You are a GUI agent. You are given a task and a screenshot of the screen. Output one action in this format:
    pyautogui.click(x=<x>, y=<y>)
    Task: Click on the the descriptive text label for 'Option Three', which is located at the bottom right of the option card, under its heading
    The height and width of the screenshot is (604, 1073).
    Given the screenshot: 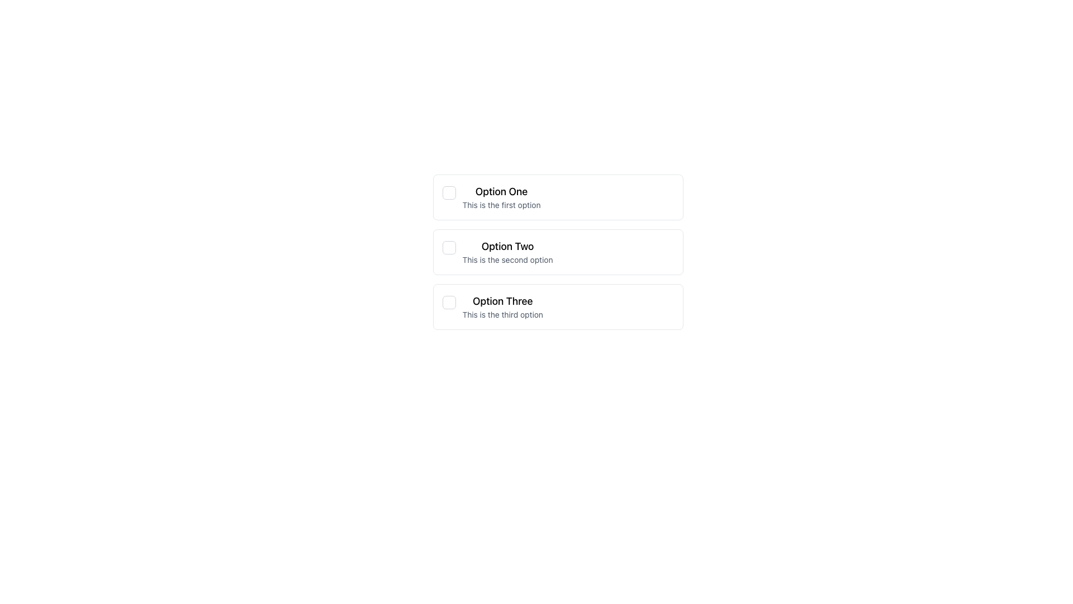 What is the action you would take?
    pyautogui.click(x=502, y=315)
    